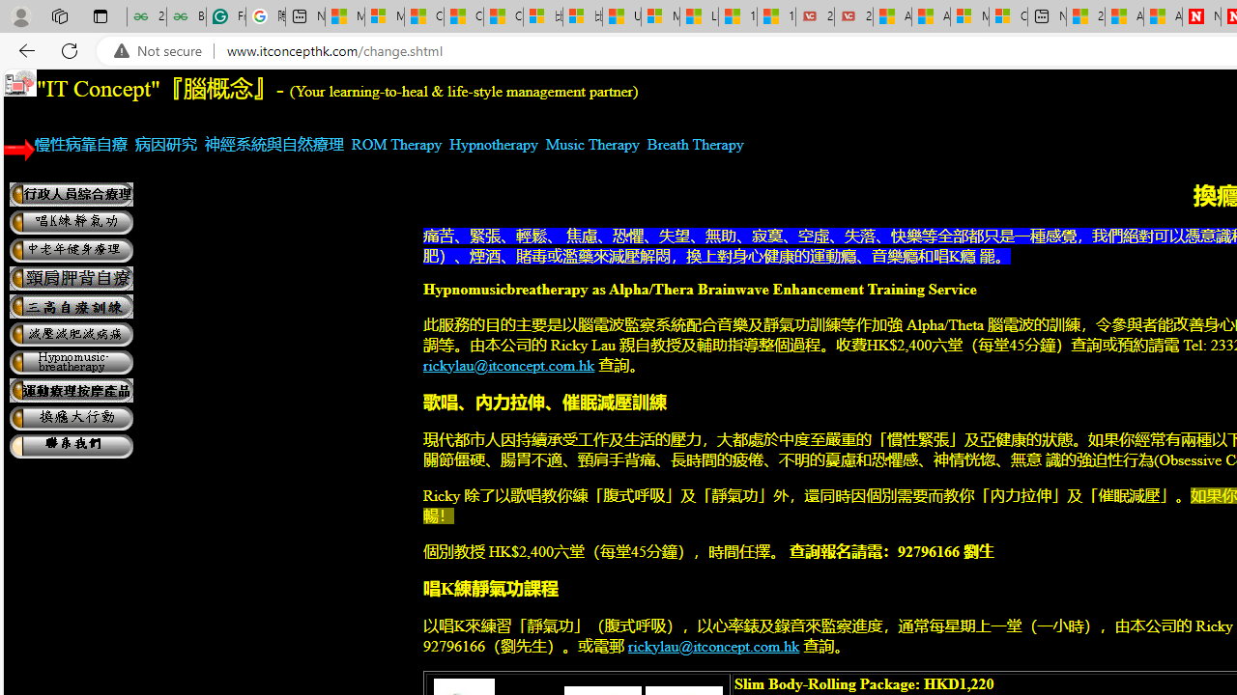 The image size is (1237, 695). What do you see at coordinates (1007, 16) in the screenshot?
I see `'Cloud Computing Services | Microsoft Azure'` at bounding box center [1007, 16].